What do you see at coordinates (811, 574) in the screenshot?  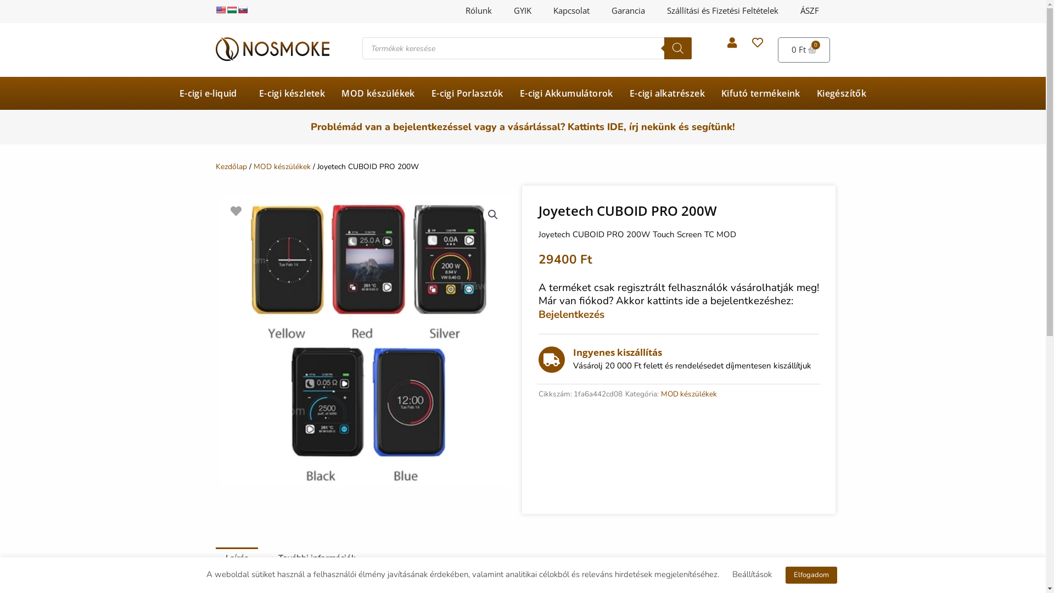 I see `'Elfogadom'` at bounding box center [811, 574].